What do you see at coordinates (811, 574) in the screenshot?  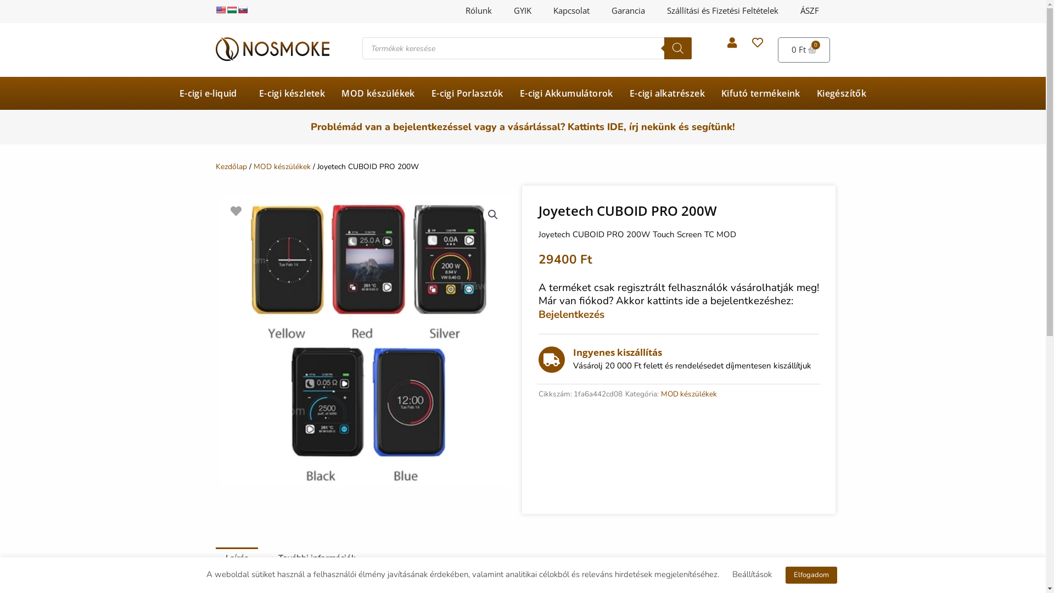 I see `'Elfogadom'` at bounding box center [811, 574].